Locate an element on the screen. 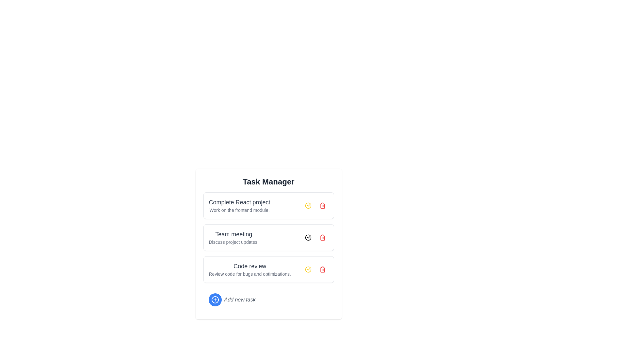 This screenshot has width=627, height=352. the static text label that describes the purpose of adding a new task, positioned to the right of the blue circular '+' icon is located at coordinates (239, 300).